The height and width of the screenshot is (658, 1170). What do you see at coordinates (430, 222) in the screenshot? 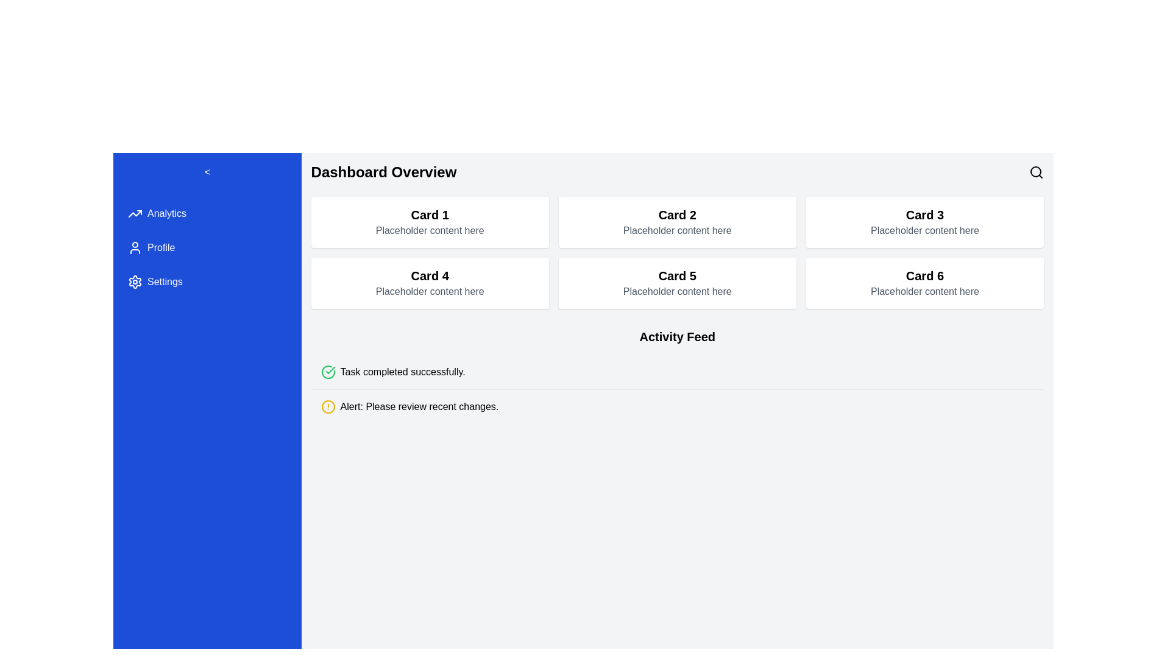
I see `the Card UI component with the title 'Card 1' and description 'Placeholder content here', located in the top-left corner of the grid layout` at bounding box center [430, 222].